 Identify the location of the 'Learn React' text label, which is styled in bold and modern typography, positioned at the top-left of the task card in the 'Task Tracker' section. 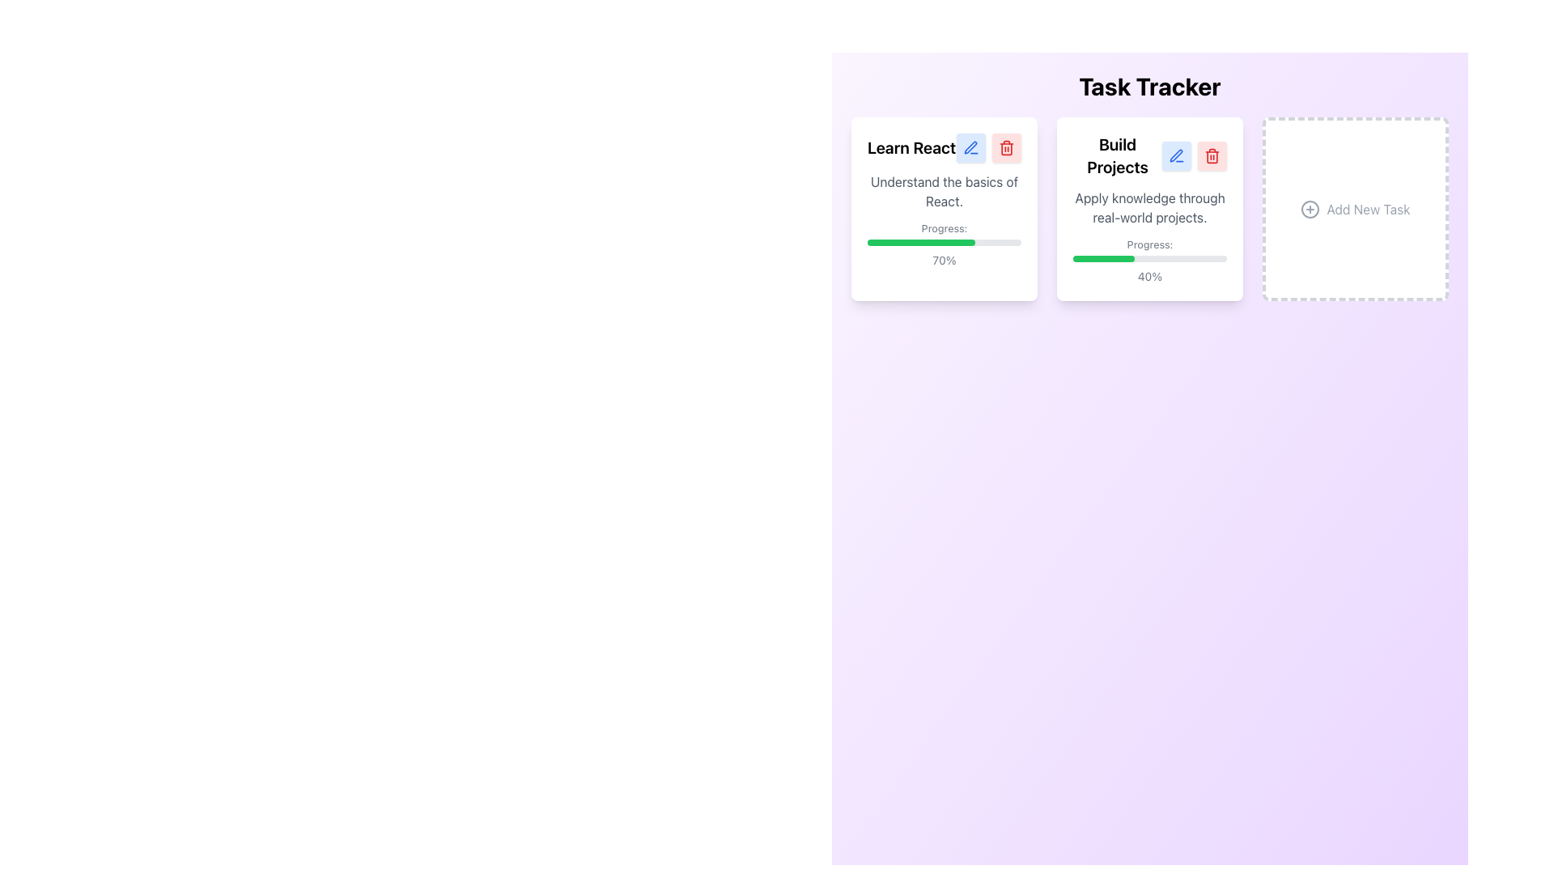
(911, 147).